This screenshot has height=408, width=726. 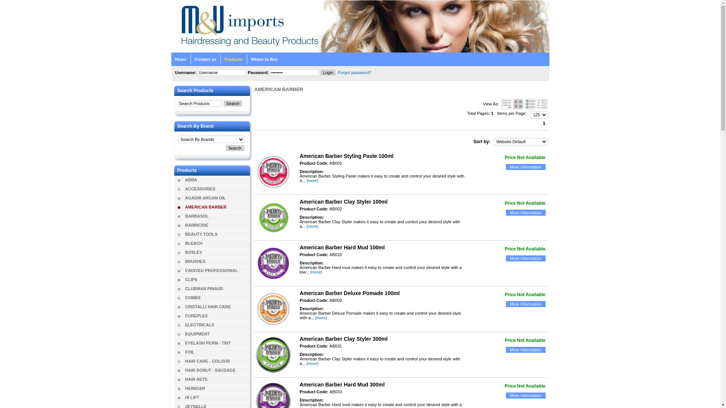 I want to click on 'Default Style', so click(x=506, y=104).